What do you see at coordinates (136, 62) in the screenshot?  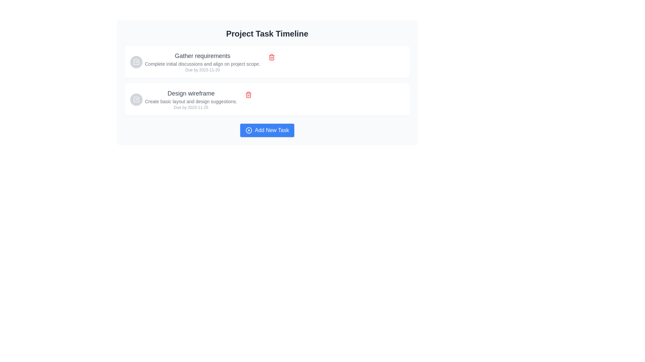 I see `the white square icon with a checkmark inside, located to the left of the 'Gather requirements' task title in the project task list, to mark the task as complete` at bounding box center [136, 62].